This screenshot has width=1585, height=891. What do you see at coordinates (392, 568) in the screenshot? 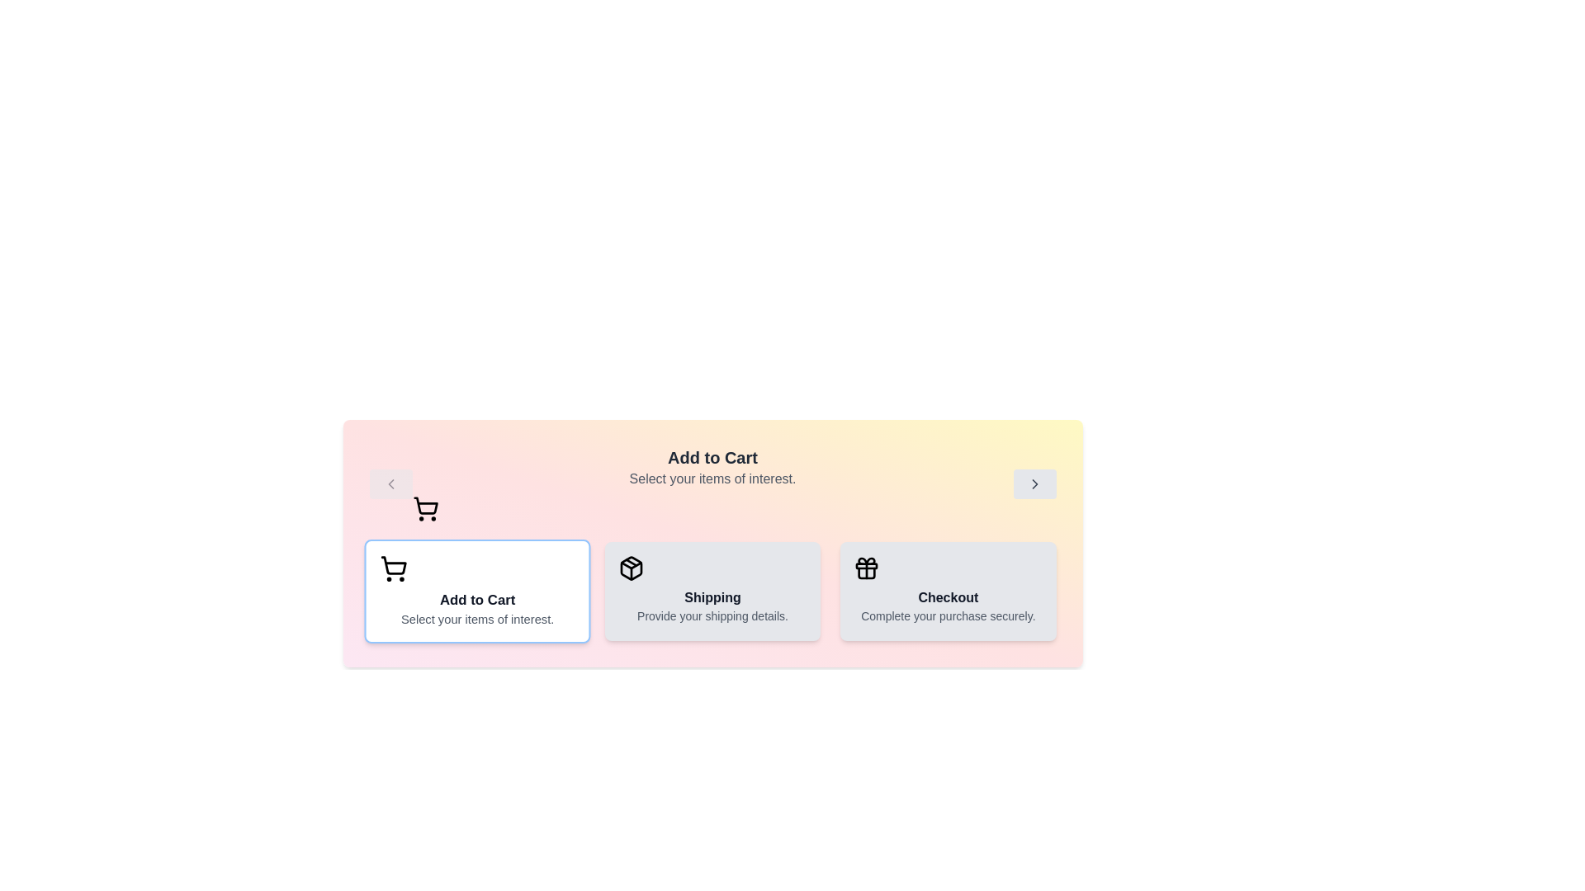
I see `the shopping cart icon, which is a thin black outline icon resembling a traditional shopping cart, located at the leftmost part of the row labeled 'Add to Cart.'` at bounding box center [392, 568].